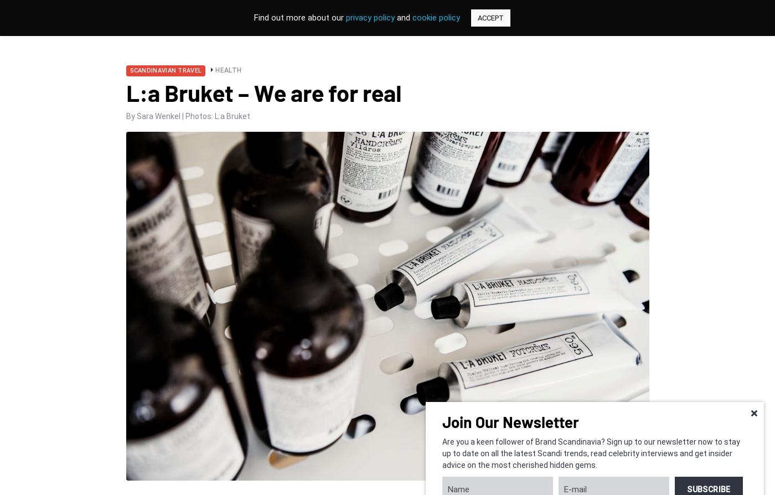  What do you see at coordinates (423, 28) in the screenshot?
I see `'Magazine'` at bounding box center [423, 28].